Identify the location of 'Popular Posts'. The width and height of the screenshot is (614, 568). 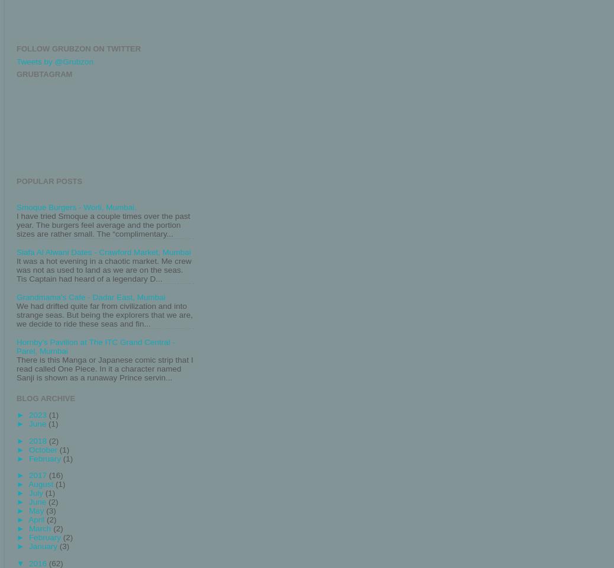
(49, 181).